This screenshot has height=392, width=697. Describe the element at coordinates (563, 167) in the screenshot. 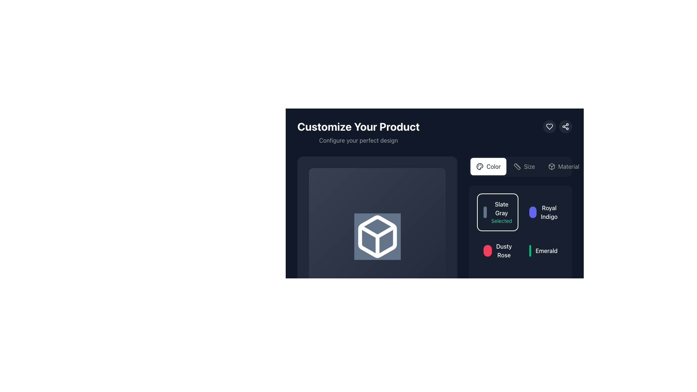

I see `the rightmost button in the horizontal sequence` at that location.